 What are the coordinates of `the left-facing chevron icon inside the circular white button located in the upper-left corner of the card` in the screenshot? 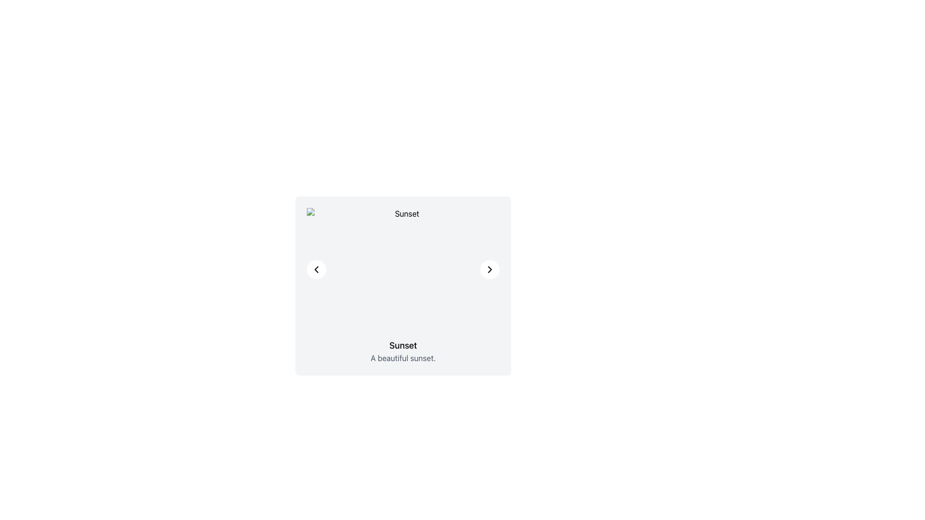 It's located at (317, 269).